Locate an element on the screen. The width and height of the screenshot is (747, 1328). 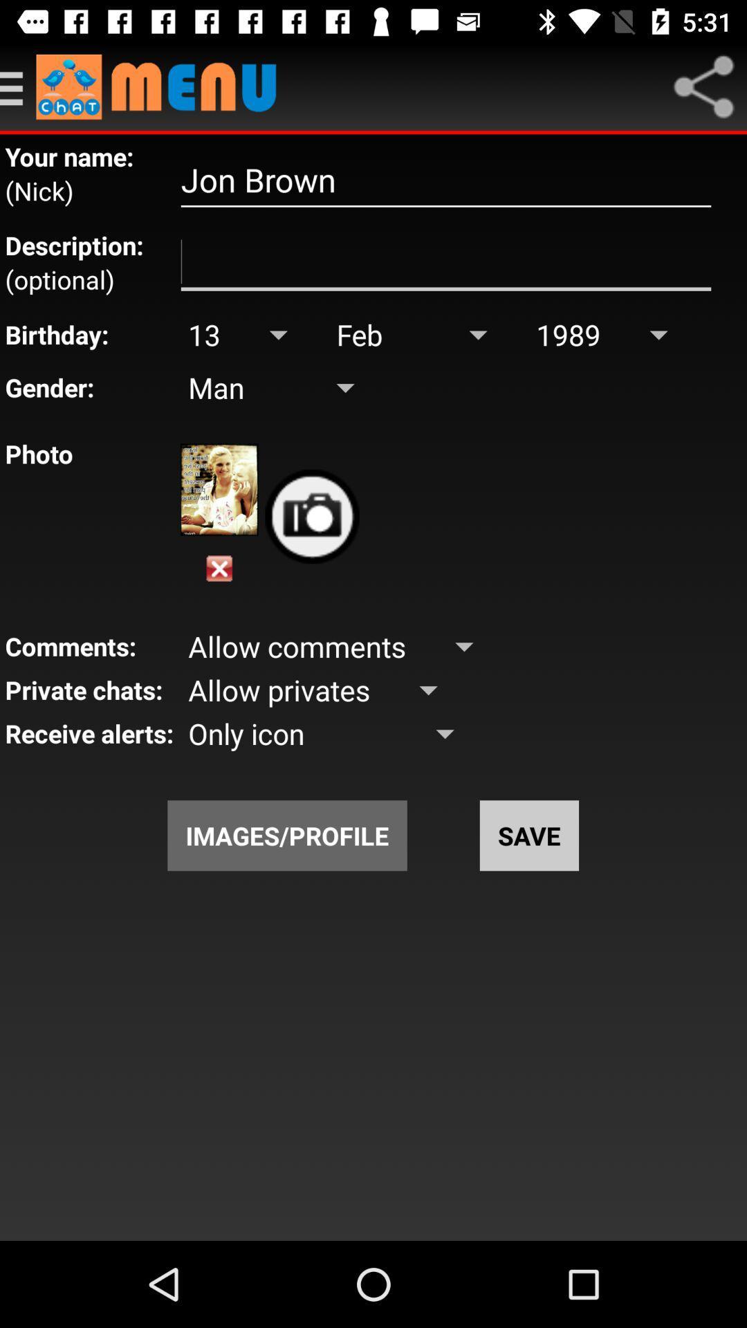
setting in privacy is located at coordinates (18, 86).